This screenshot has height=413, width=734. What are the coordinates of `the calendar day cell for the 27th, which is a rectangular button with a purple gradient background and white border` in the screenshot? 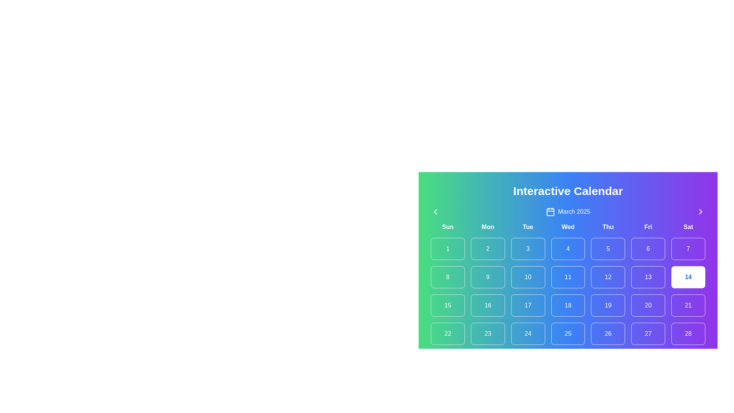 It's located at (648, 333).